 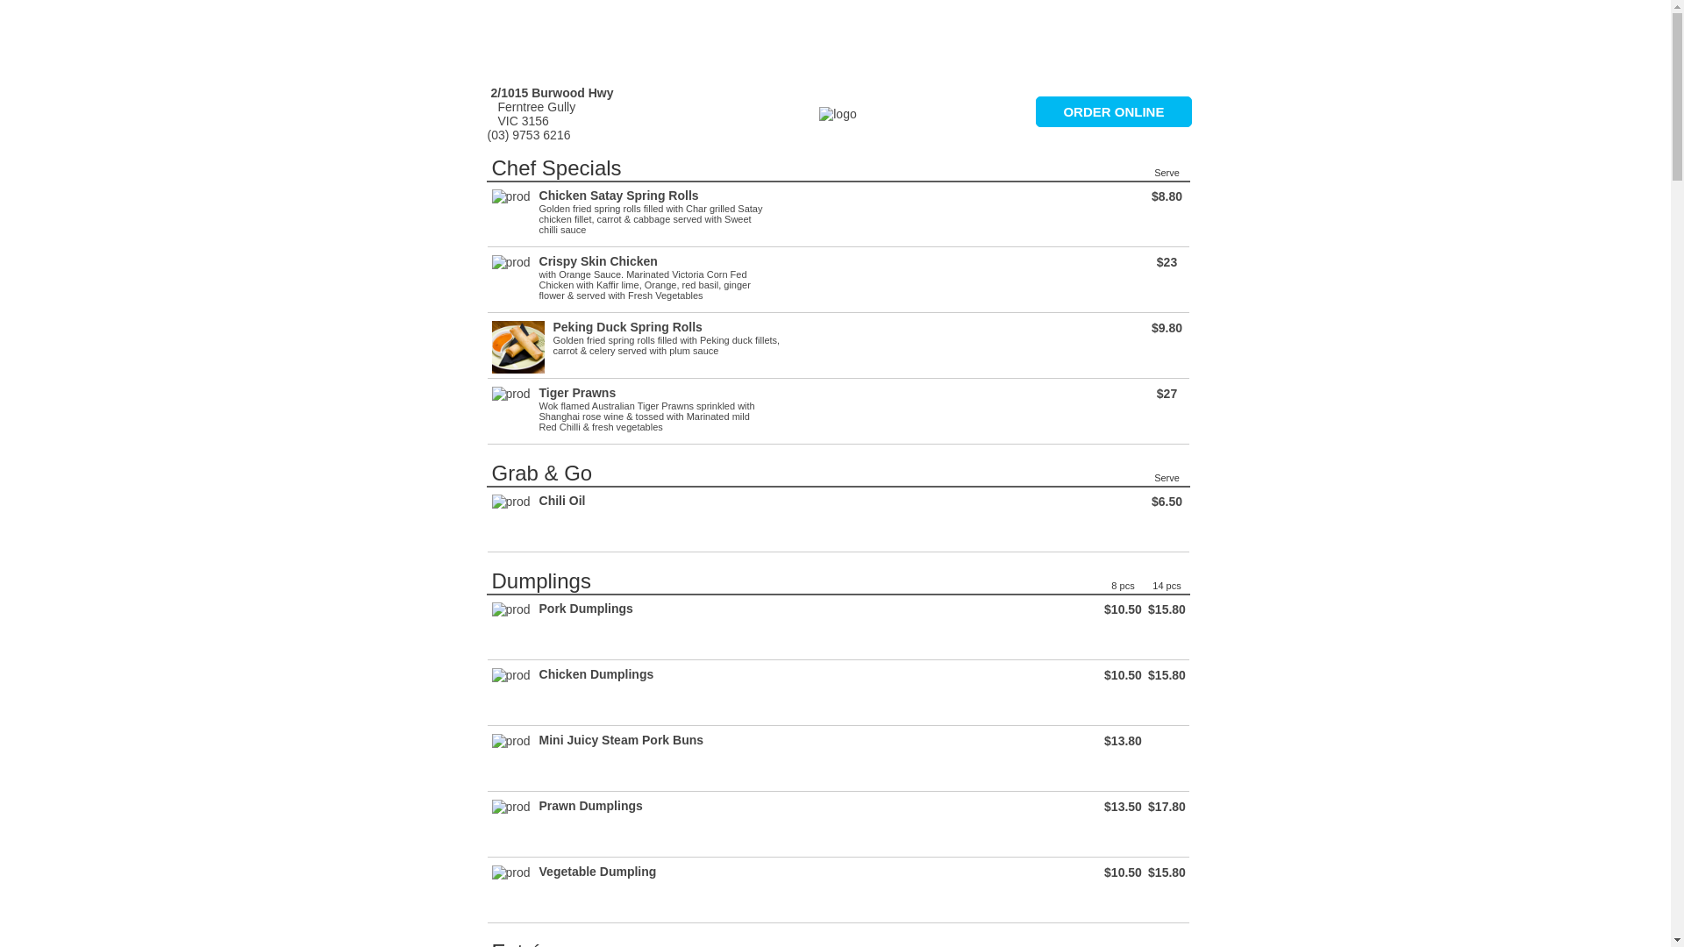 I want to click on 'Grab & Go', so click(x=540, y=472).